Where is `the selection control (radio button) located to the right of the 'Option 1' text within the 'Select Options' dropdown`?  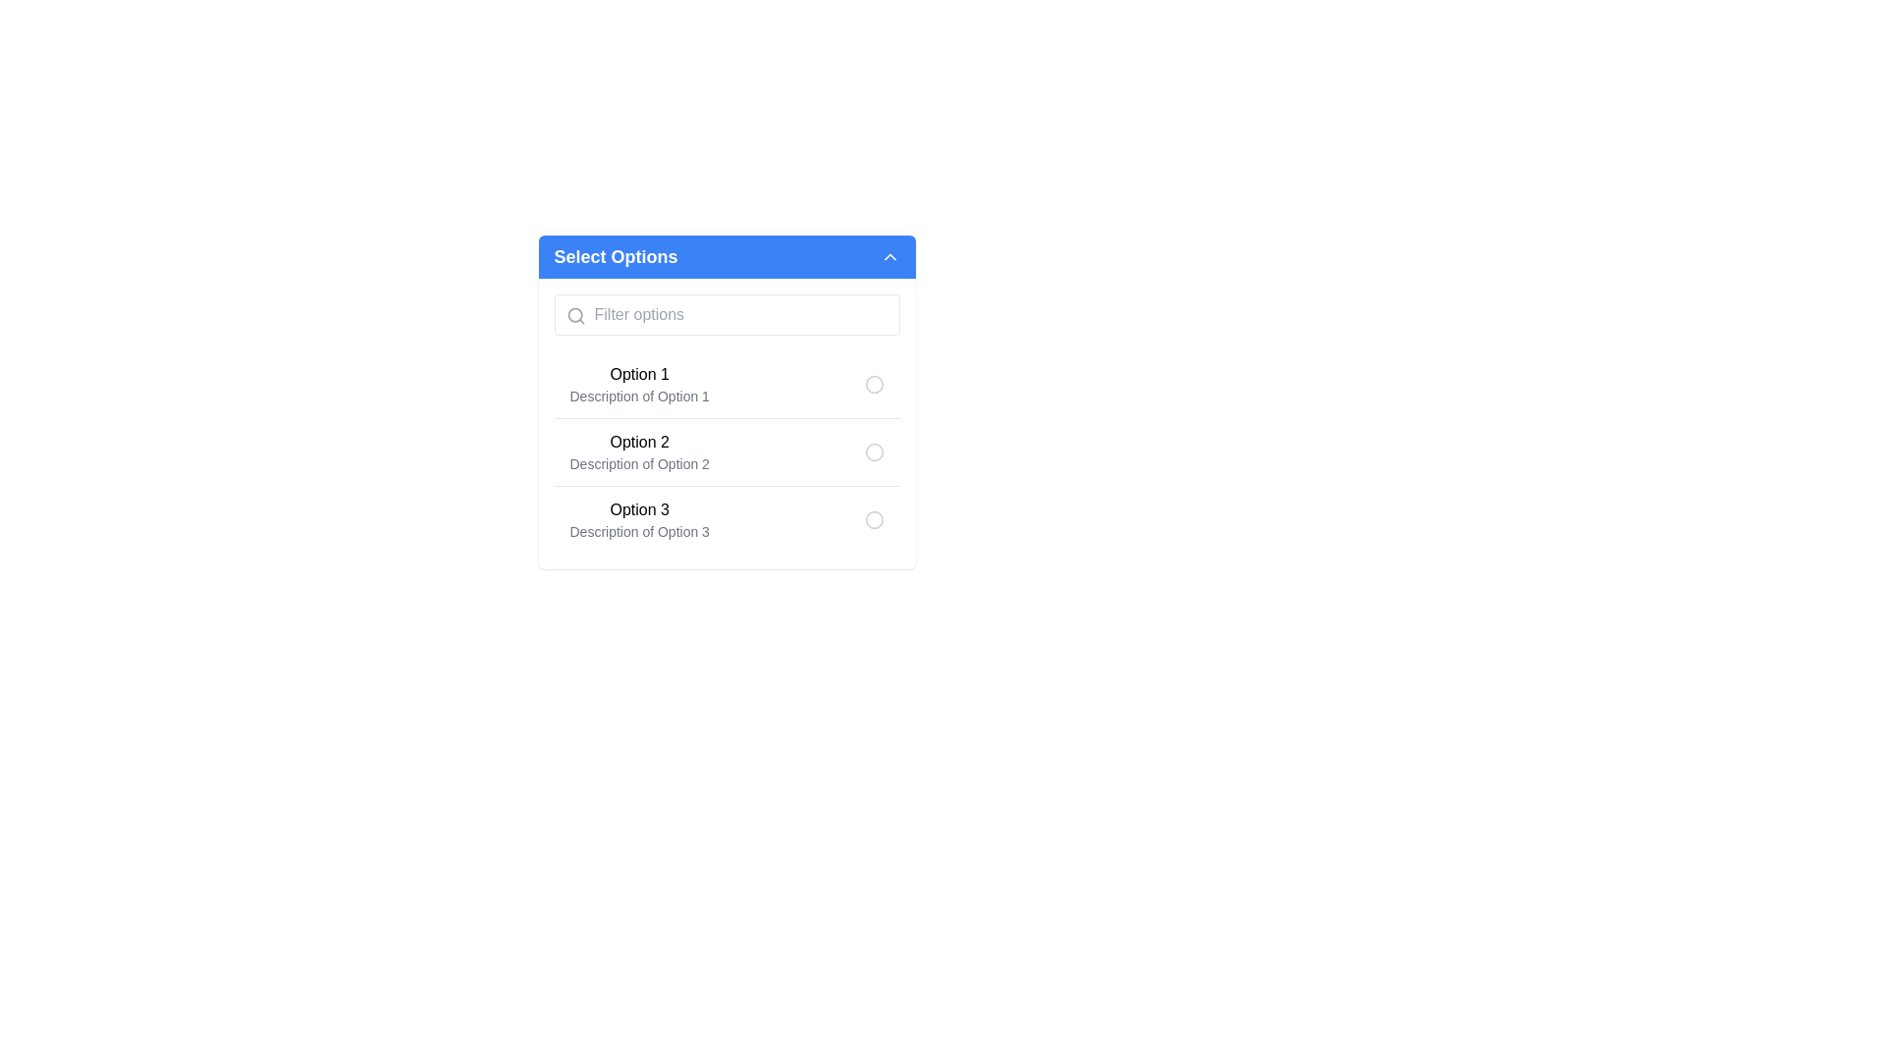
the selection control (radio button) located to the right of the 'Option 1' text within the 'Select Options' dropdown is located at coordinates (873, 385).